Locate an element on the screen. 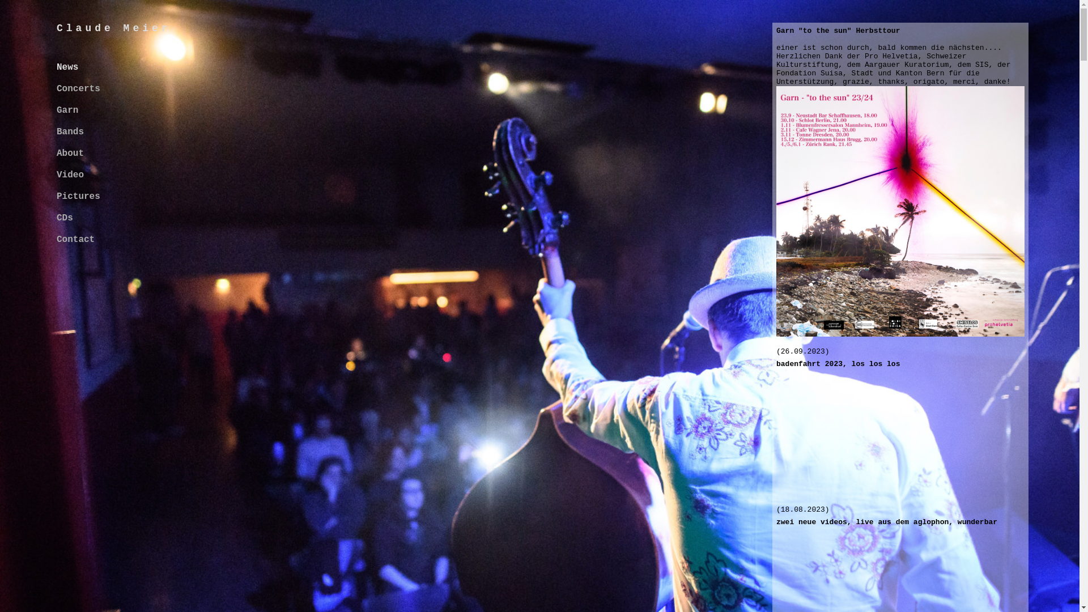 The height and width of the screenshot is (612, 1088). 'Concerts' is located at coordinates (78, 88).